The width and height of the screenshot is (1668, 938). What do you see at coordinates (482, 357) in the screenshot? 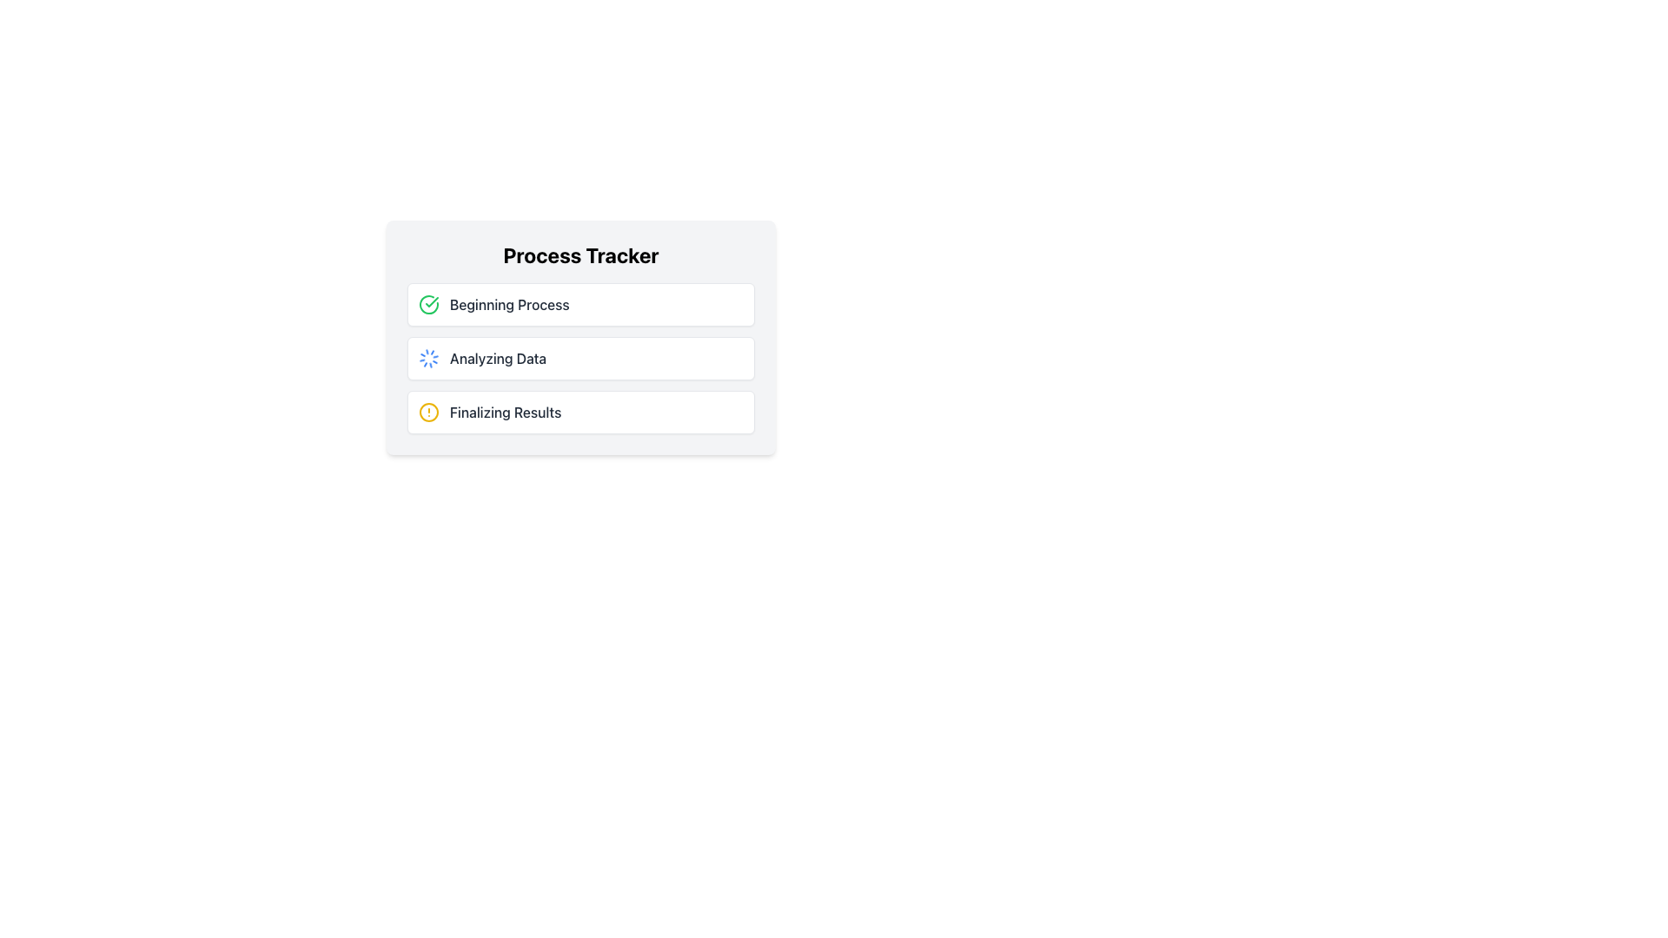
I see `status text 'Analyzing Data' from the second item in the process tracker section, which features a spinning loader icon and is visually distinct with medium-sized, grayish text` at bounding box center [482, 357].